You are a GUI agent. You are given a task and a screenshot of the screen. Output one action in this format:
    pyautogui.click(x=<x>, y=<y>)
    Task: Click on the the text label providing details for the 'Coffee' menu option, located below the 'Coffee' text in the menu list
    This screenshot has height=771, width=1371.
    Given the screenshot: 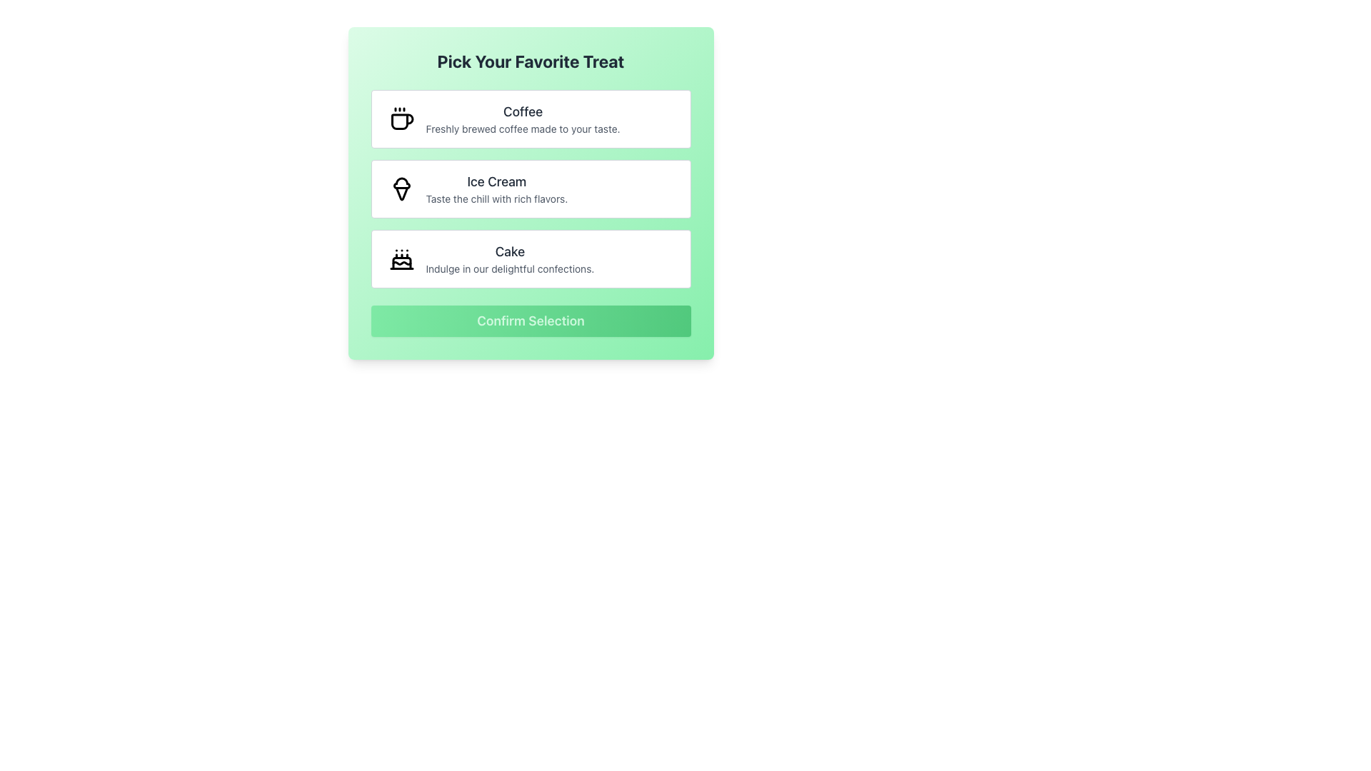 What is the action you would take?
    pyautogui.click(x=522, y=129)
    